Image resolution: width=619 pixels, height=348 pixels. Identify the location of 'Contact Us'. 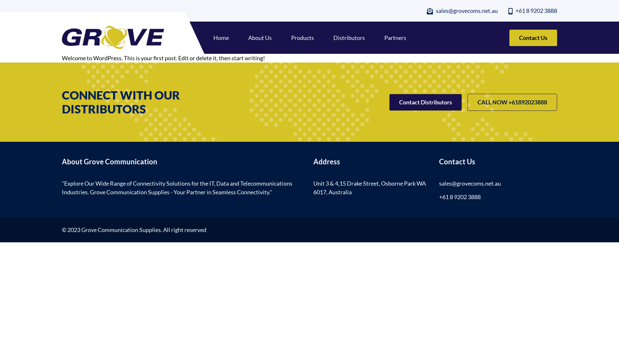
(533, 38).